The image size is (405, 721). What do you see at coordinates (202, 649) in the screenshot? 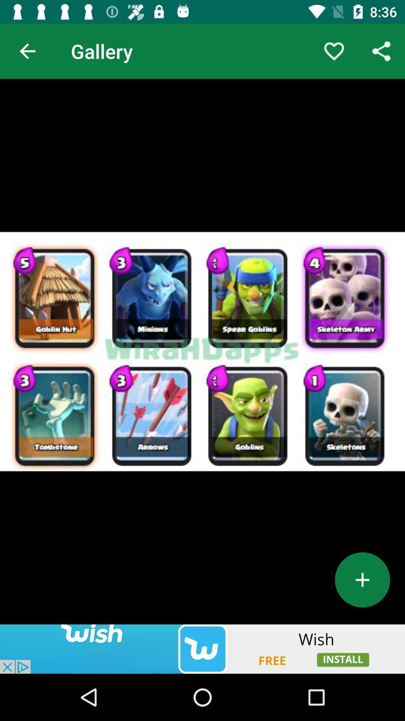
I see `install app` at bounding box center [202, 649].